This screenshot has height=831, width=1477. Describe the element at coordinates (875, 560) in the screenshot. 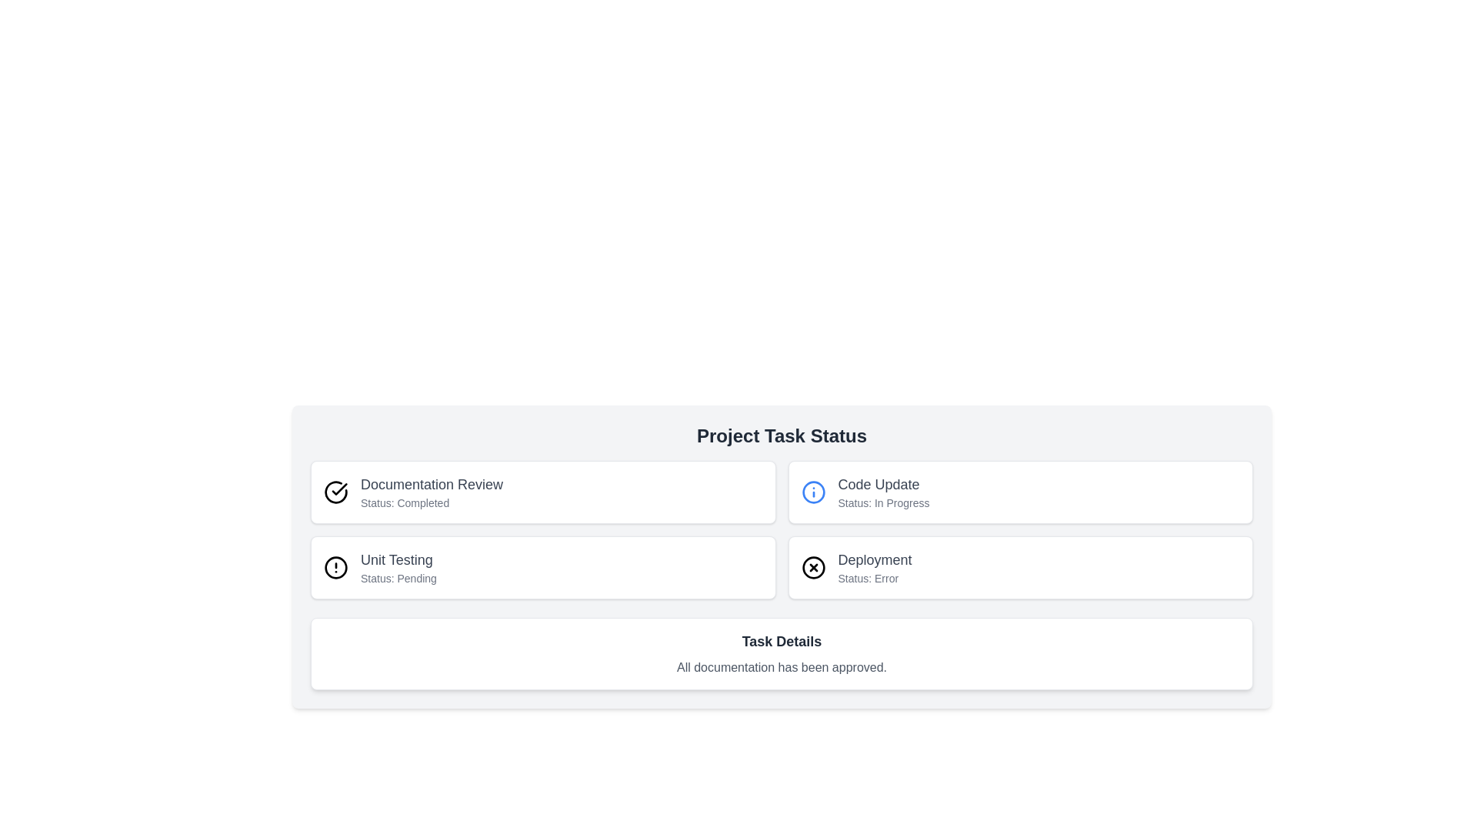

I see `the text label displaying 'Deployment', which is styled in gray as a heading in the lower right quadrant of the grid display, under the 'Code Update' section` at that location.